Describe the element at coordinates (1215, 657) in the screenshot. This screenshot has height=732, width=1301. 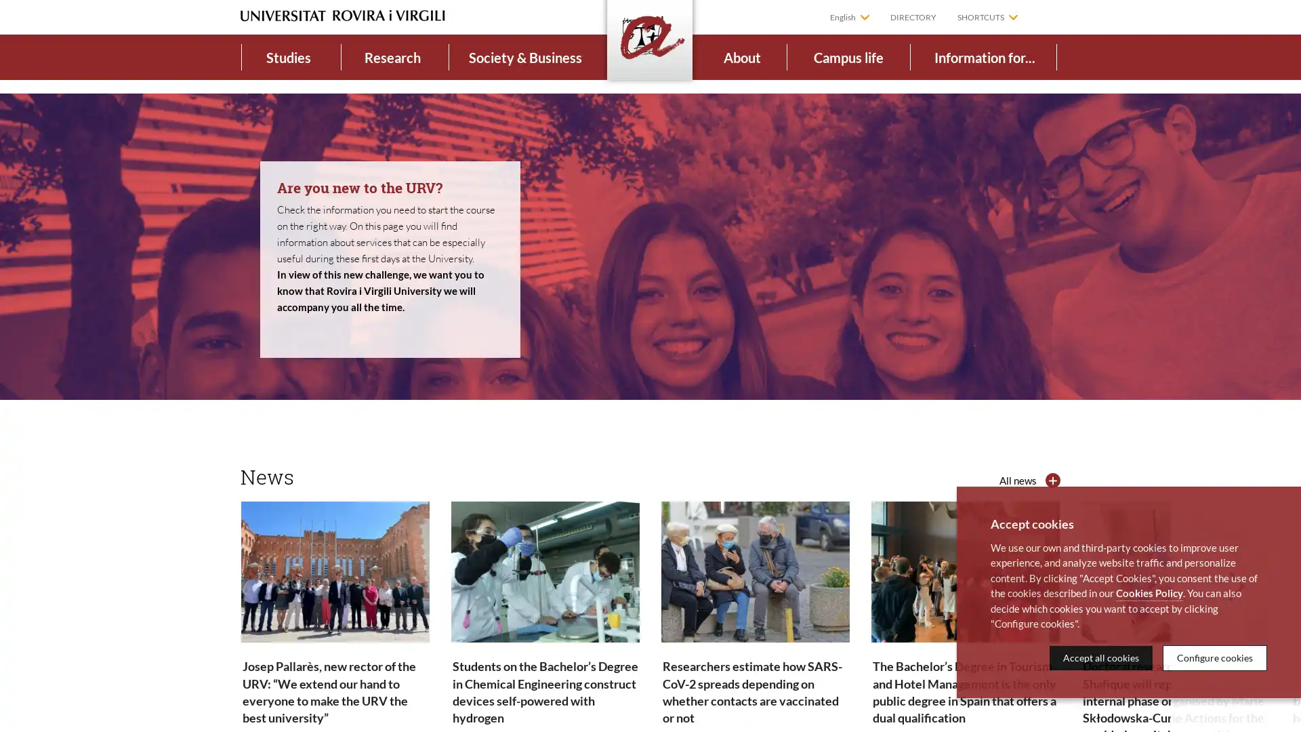
I see `Configure cookies` at that location.